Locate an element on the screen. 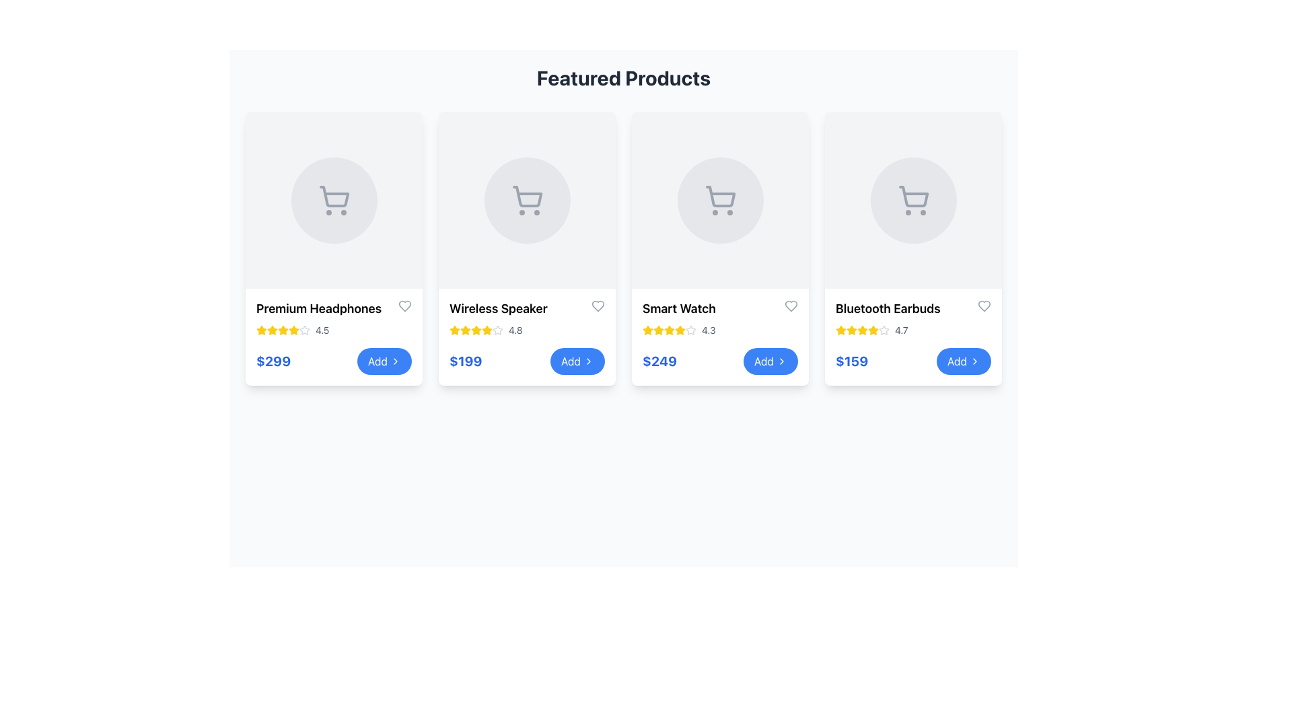 This screenshot has height=727, width=1292. the 5th star icon in the rating sequence for the 'Smart Watch' item, which visually represents its rating value is located at coordinates (691, 330).